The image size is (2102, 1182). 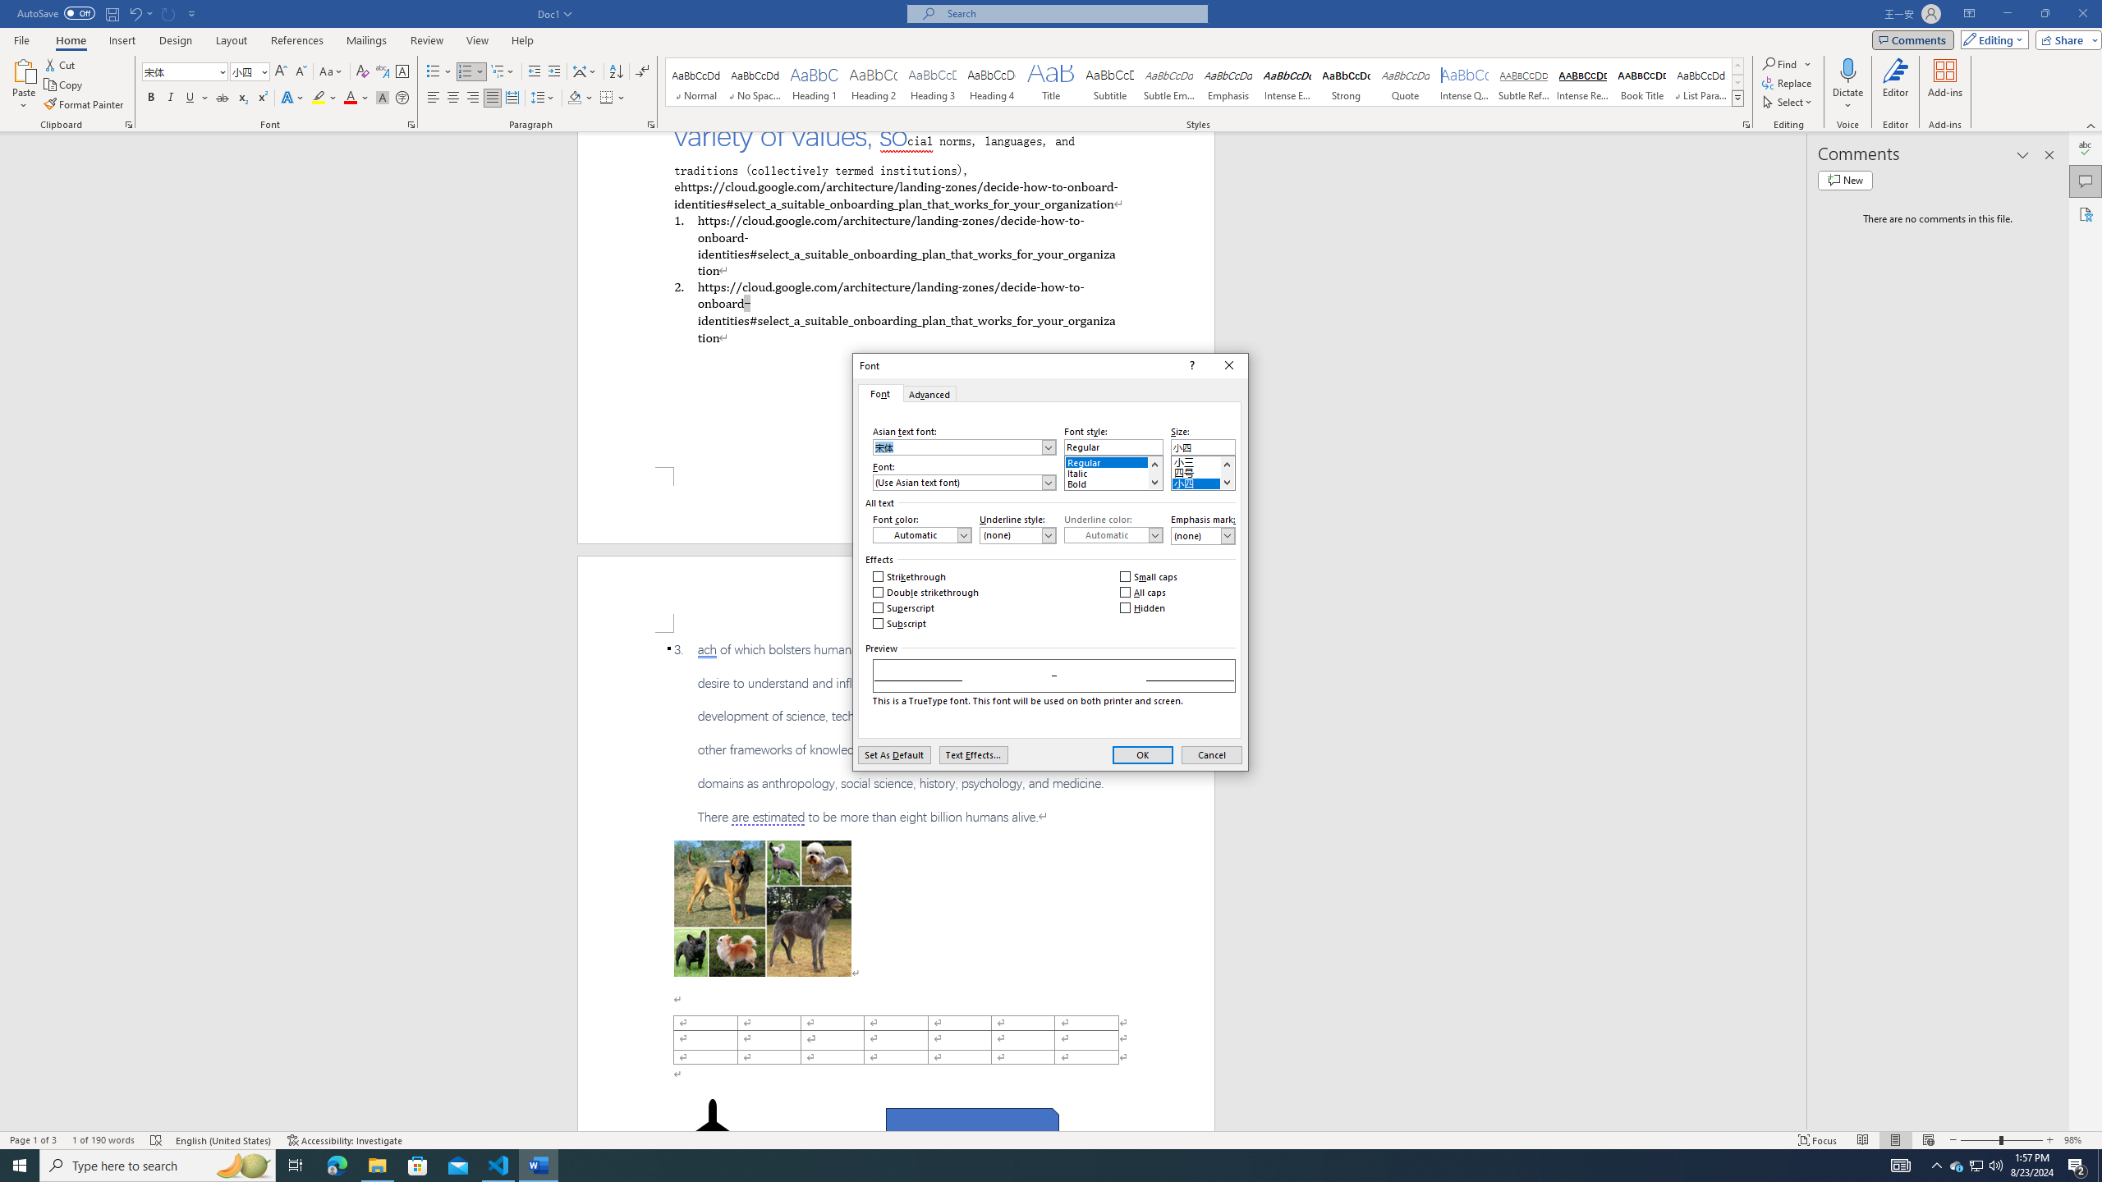 I want to click on 'Change Case', so click(x=331, y=71).